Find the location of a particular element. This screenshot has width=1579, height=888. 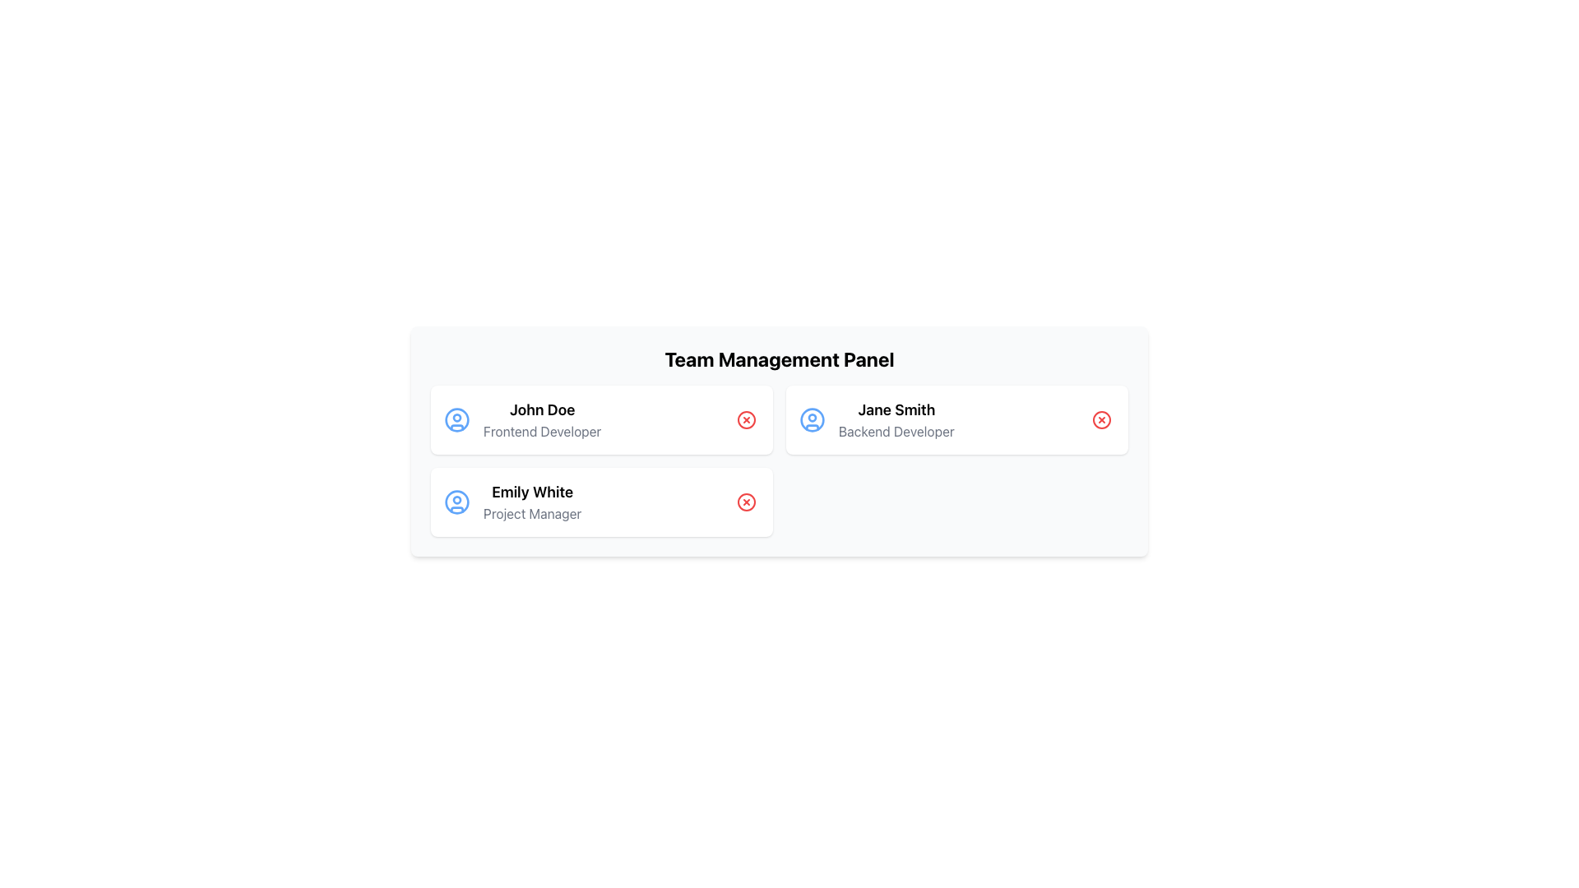

the static text display showing the name 'Jane Smith', which is positioned in the right-most column of a team management panel is located at coordinates (896, 409).